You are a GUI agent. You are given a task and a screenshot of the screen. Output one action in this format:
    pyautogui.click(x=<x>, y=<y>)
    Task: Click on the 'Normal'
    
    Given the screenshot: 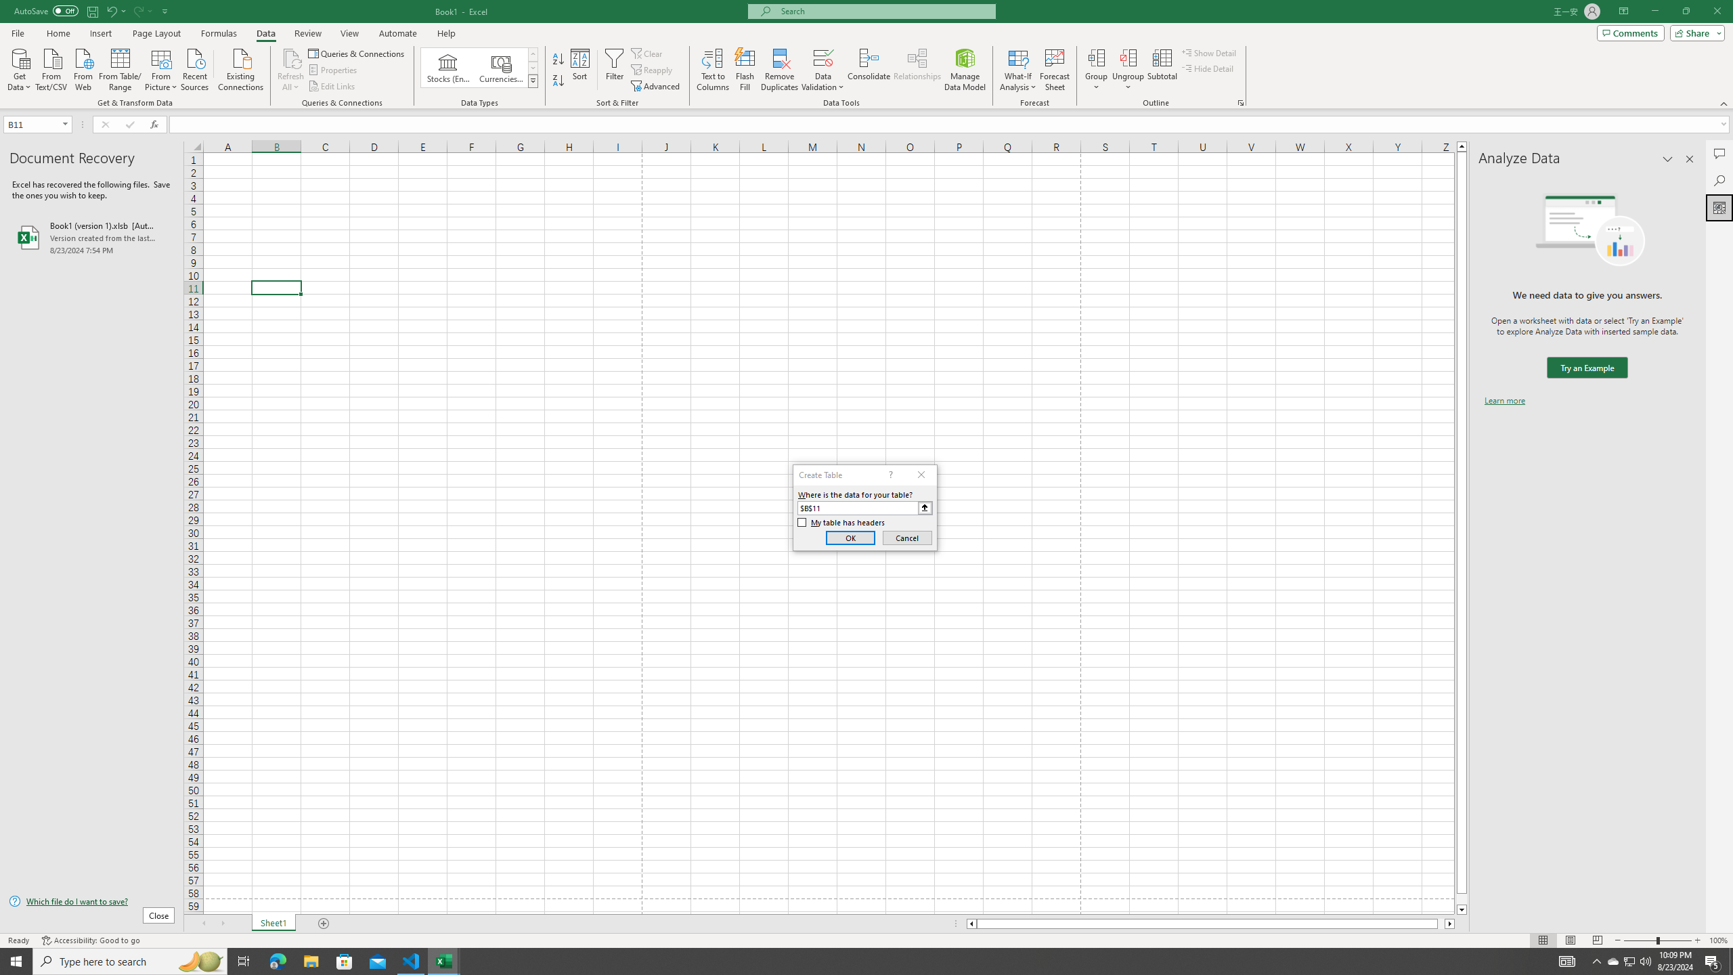 What is the action you would take?
    pyautogui.click(x=1542, y=940)
    